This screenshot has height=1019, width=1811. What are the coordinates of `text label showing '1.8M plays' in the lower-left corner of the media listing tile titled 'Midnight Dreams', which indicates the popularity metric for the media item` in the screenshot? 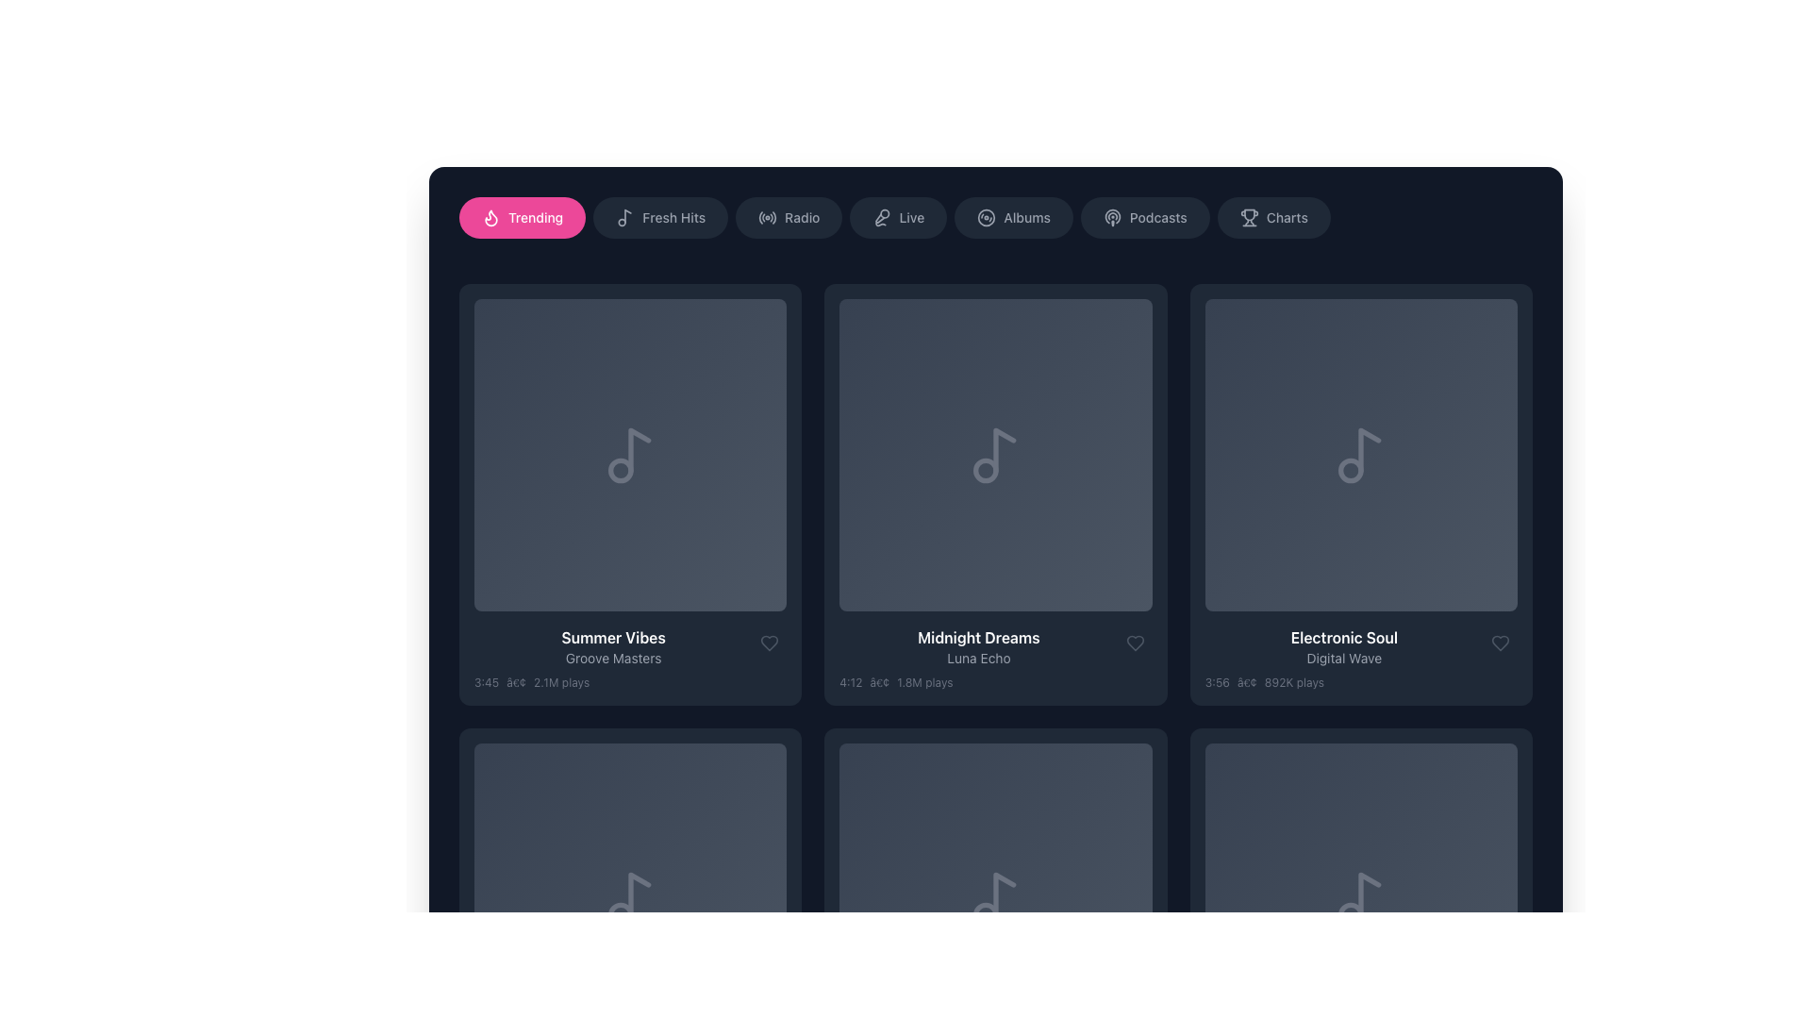 It's located at (924, 683).